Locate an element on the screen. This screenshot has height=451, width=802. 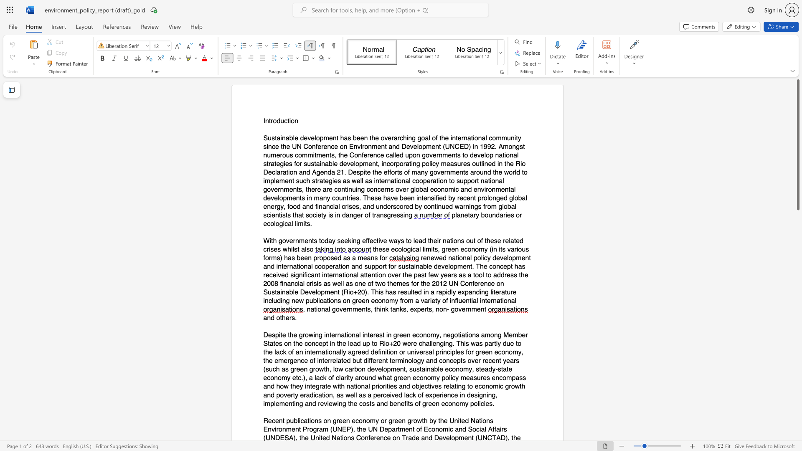
the scrollbar on the right to move the page downward is located at coordinates (797, 380).